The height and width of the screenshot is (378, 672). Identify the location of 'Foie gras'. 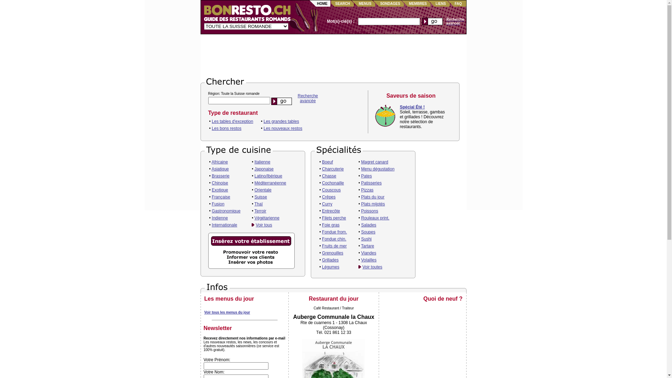
(330, 225).